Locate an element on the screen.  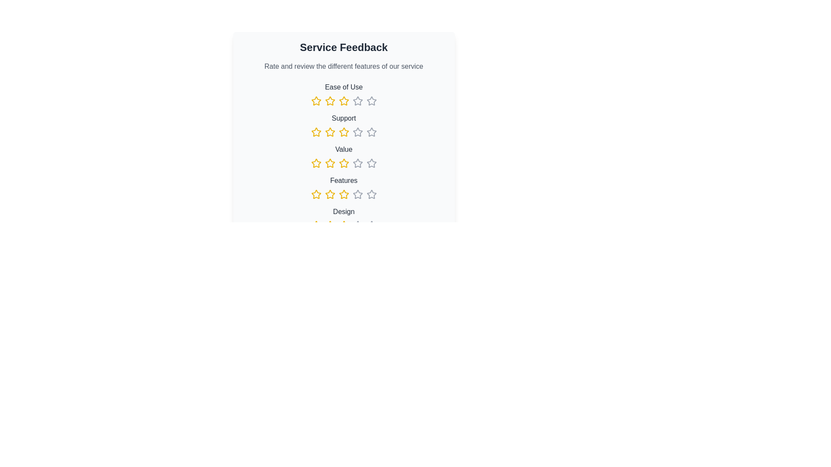
the first interactive rating star icon in the Service Feedback section under the label 'Features' to update the rating is located at coordinates (316, 195).